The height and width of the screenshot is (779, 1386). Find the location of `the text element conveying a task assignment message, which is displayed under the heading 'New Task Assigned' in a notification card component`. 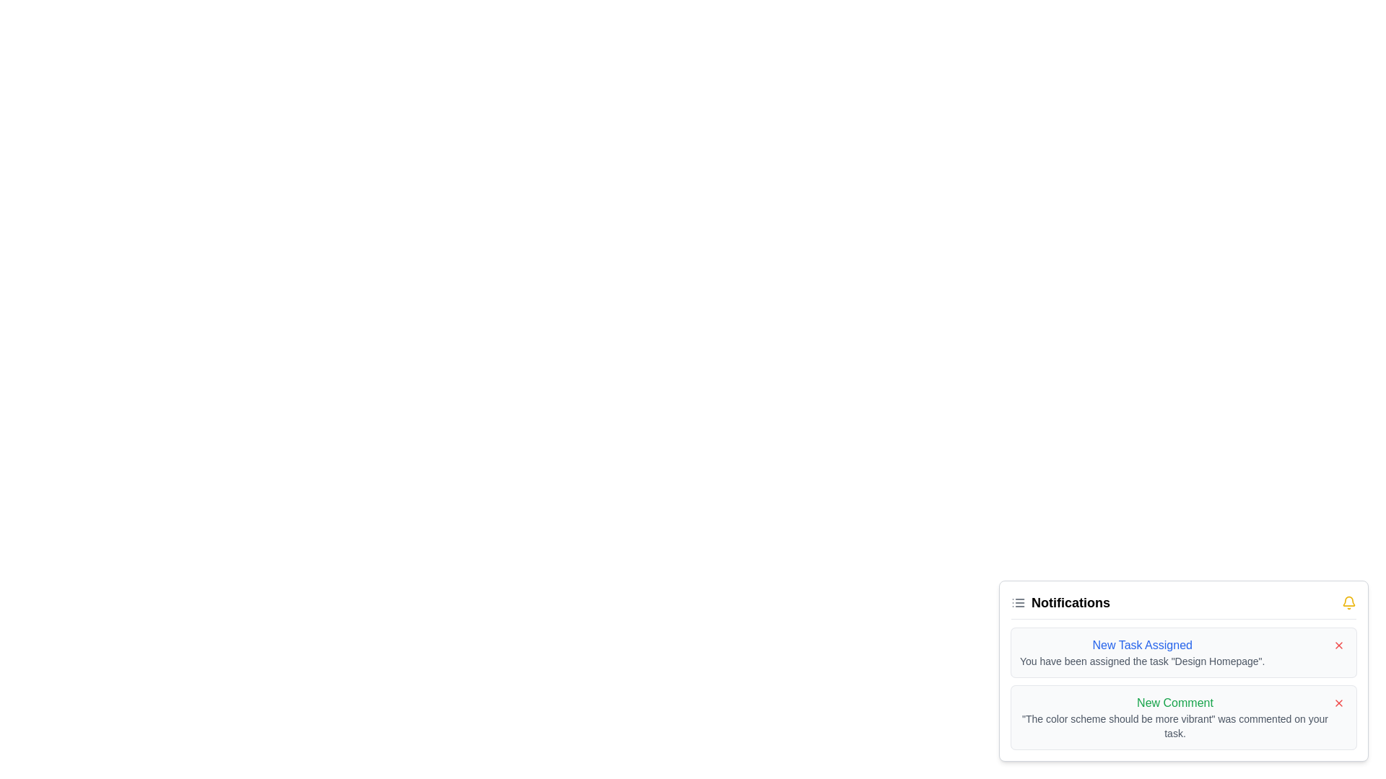

the text element conveying a task assignment message, which is displayed under the heading 'New Task Assigned' in a notification card component is located at coordinates (1141, 661).